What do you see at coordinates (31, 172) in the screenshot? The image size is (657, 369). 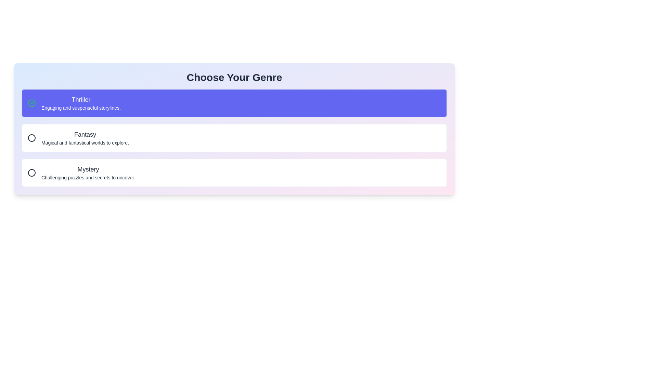 I see `the icon resembling a circle outline with a smaller circle in its center, located to the left of the text 'Mystery' in the bottommost option box of the 'Choose Your Genre' interface` at bounding box center [31, 172].